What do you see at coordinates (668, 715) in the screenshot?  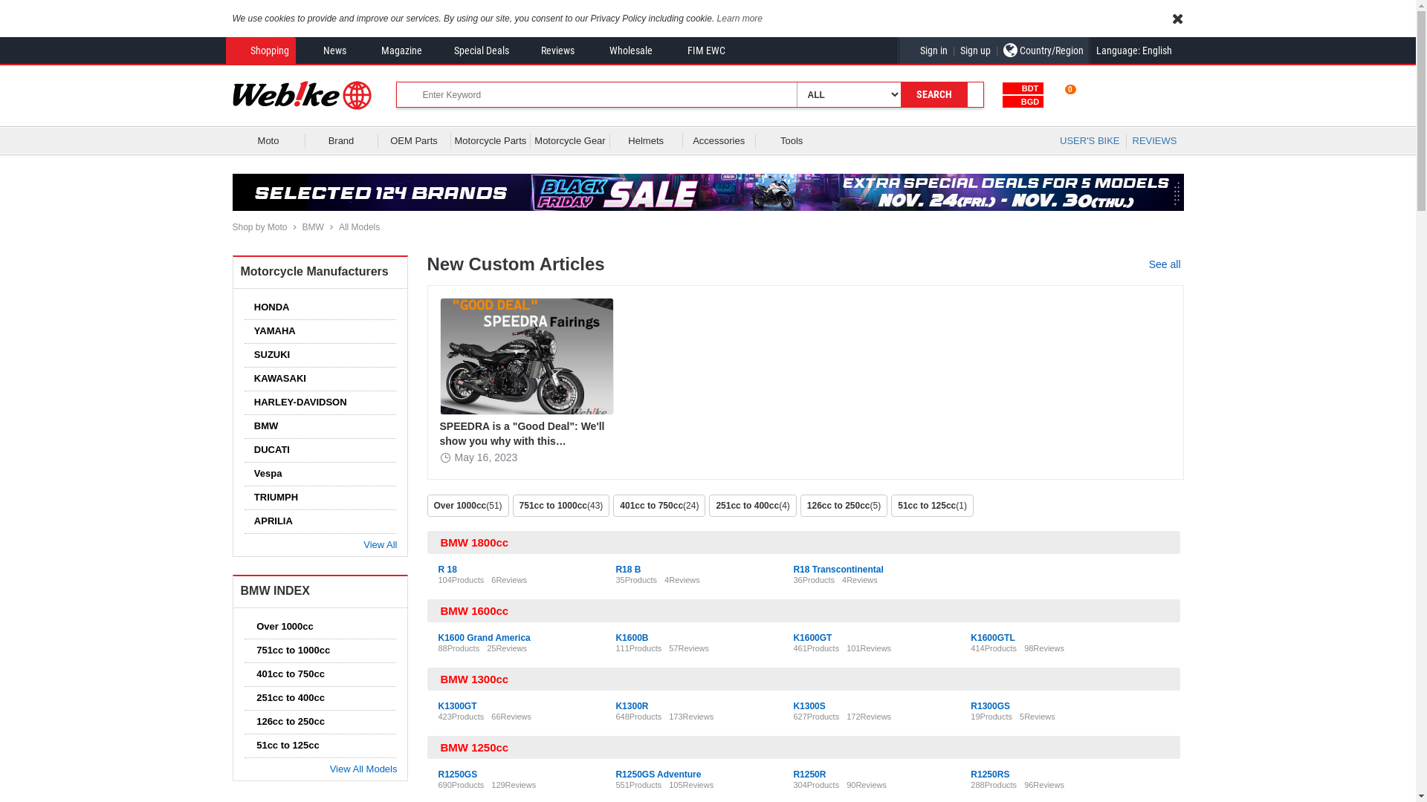 I see `'173Reviews'` at bounding box center [668, 715].